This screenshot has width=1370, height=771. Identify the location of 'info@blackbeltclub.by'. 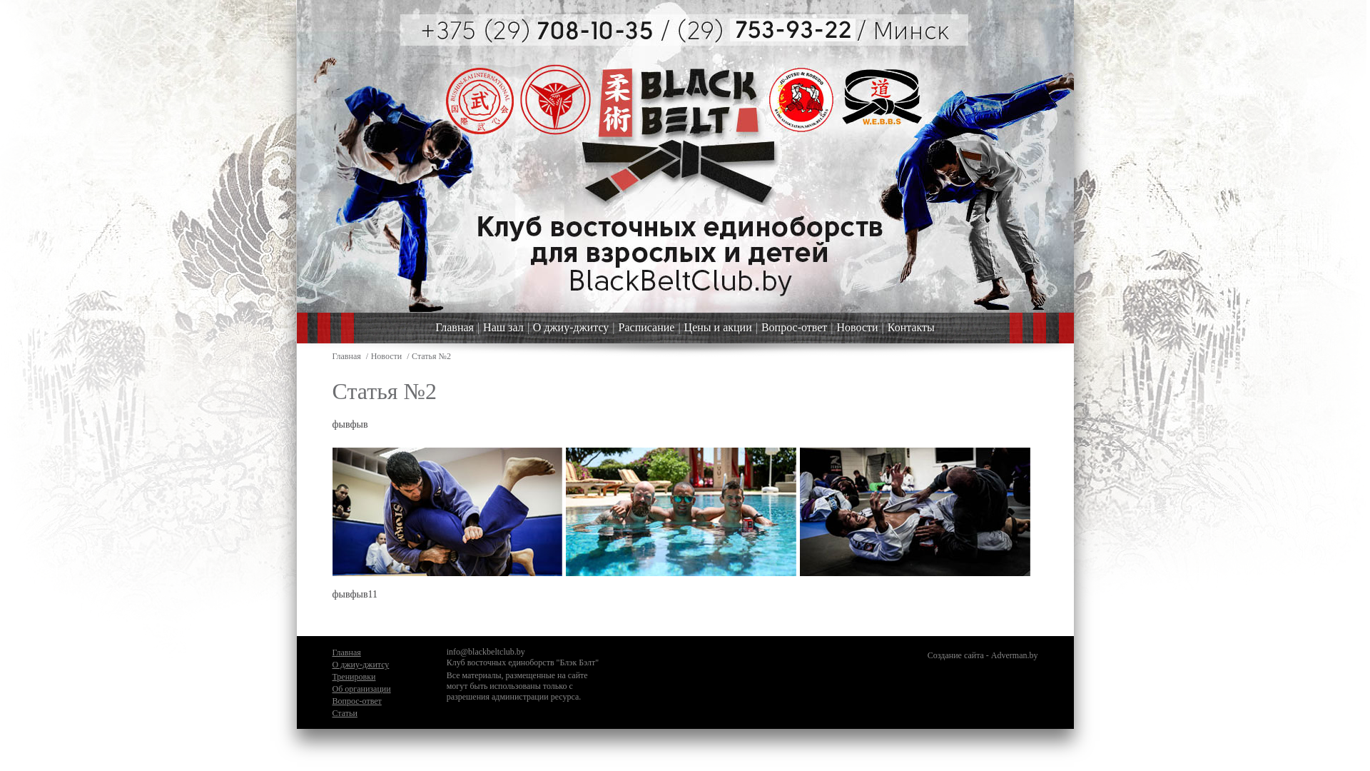
(486, 652).